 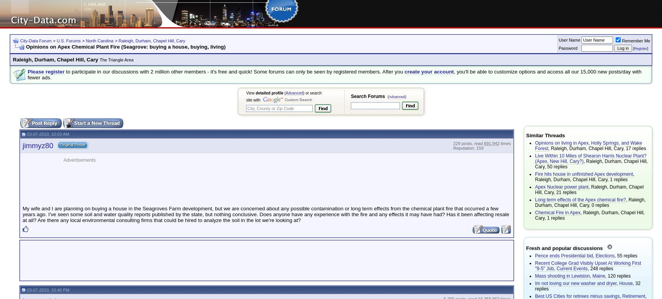 What do you see at coordinates (636, 40) in the screenshot?
I see `'Remember Me'` at bounding box center [636, 40].